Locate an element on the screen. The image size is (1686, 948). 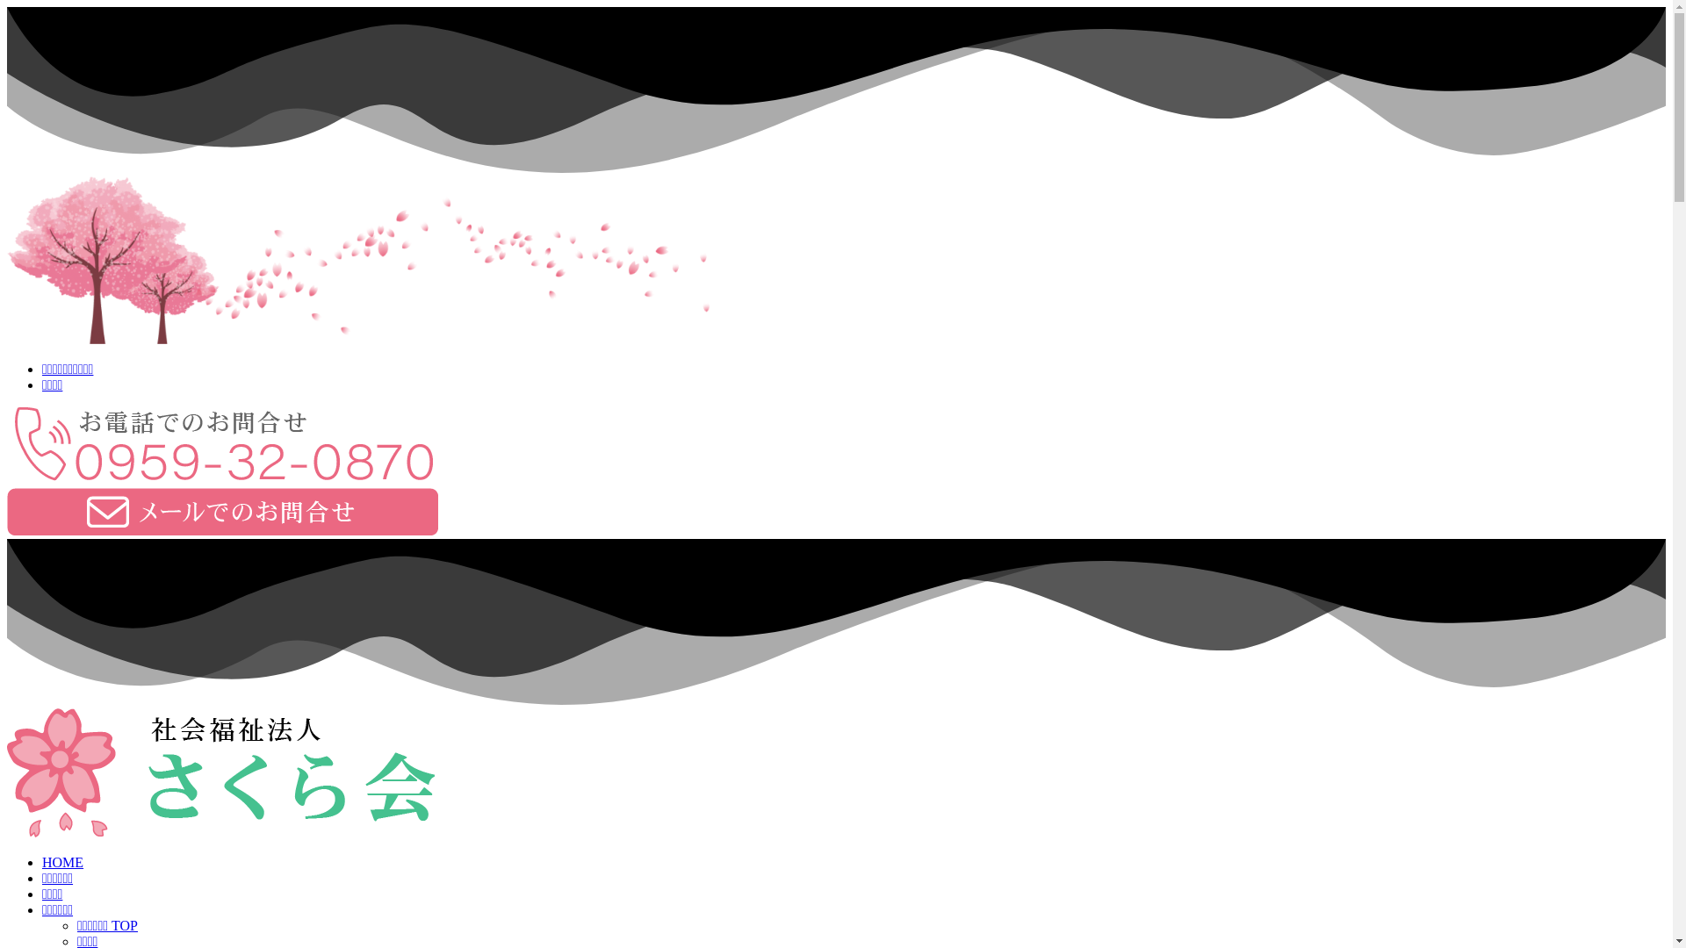
'HOME' is located at coordinates (62, 861).